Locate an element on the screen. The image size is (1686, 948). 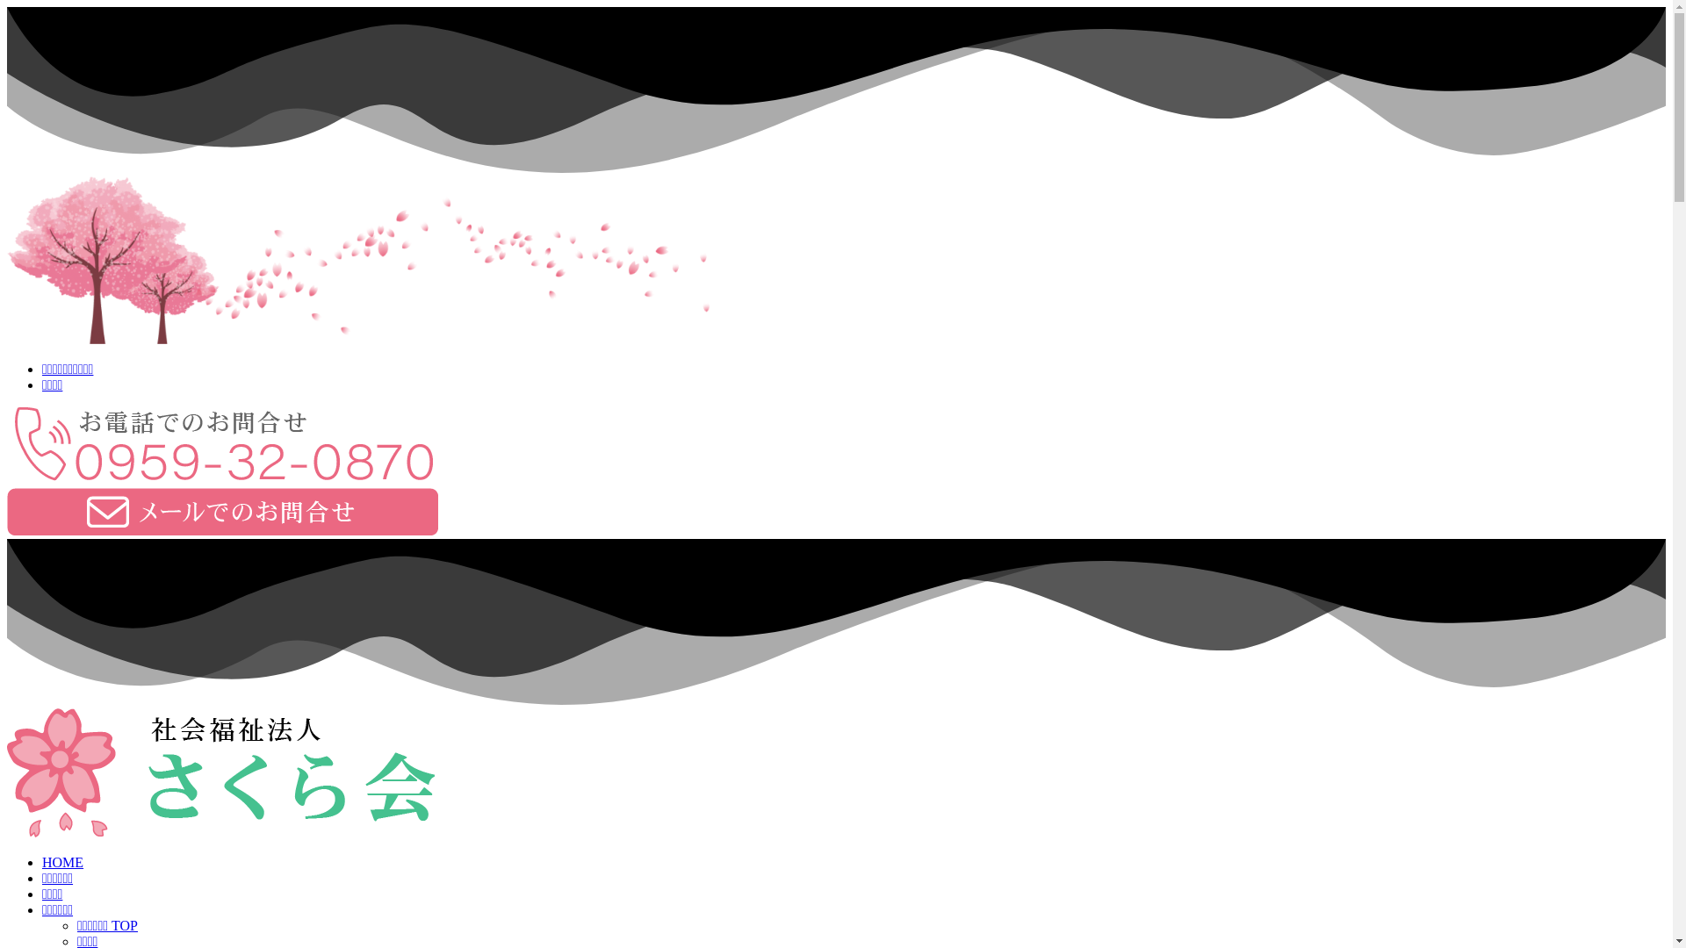
'HOME' is located at coordinates (62, 861).